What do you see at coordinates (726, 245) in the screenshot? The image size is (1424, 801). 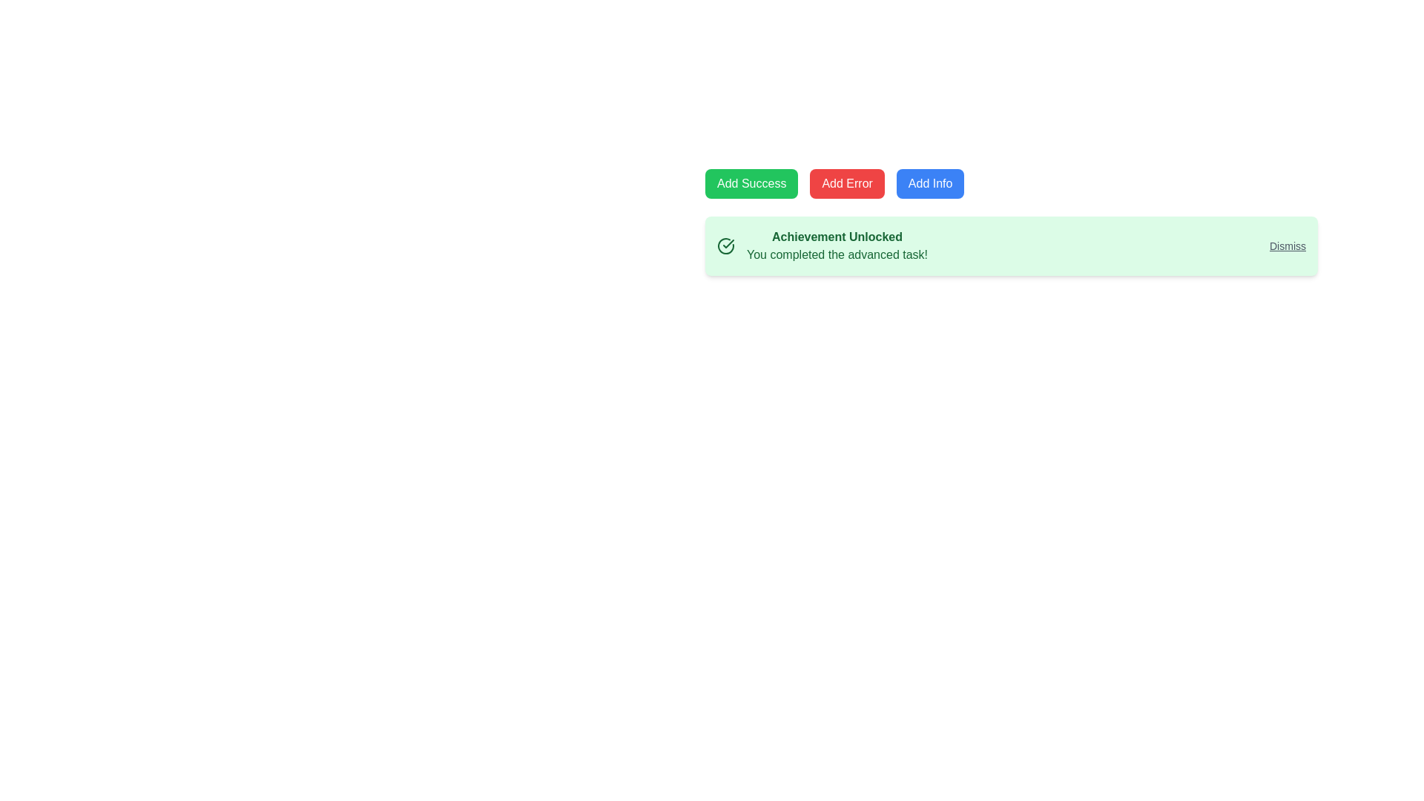 I see `the success indicator icon located within the green notification panel that contains the text 'Achievement Unlocked'` at bounding box center [726, 245].